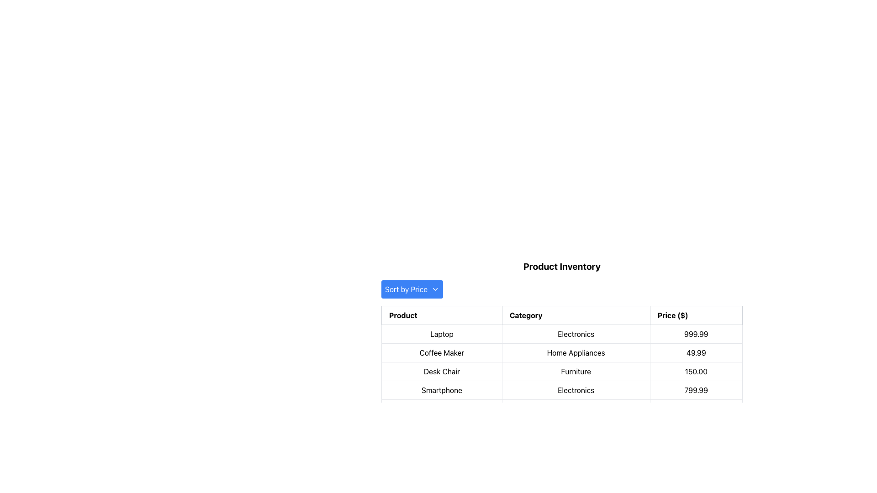  Describe the element at coordinates (442, 371) in the screenshot. I see `the 'Desk Chair' text label in the 'Product' column of the table` at that location.